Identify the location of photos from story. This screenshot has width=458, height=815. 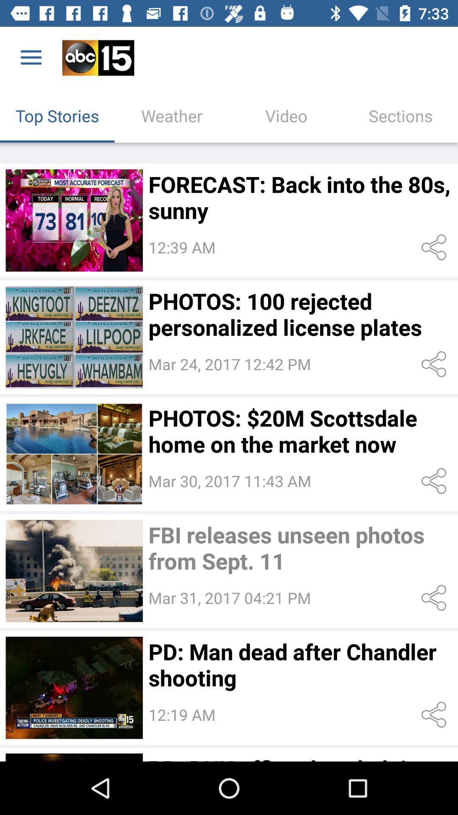
(74, 453).